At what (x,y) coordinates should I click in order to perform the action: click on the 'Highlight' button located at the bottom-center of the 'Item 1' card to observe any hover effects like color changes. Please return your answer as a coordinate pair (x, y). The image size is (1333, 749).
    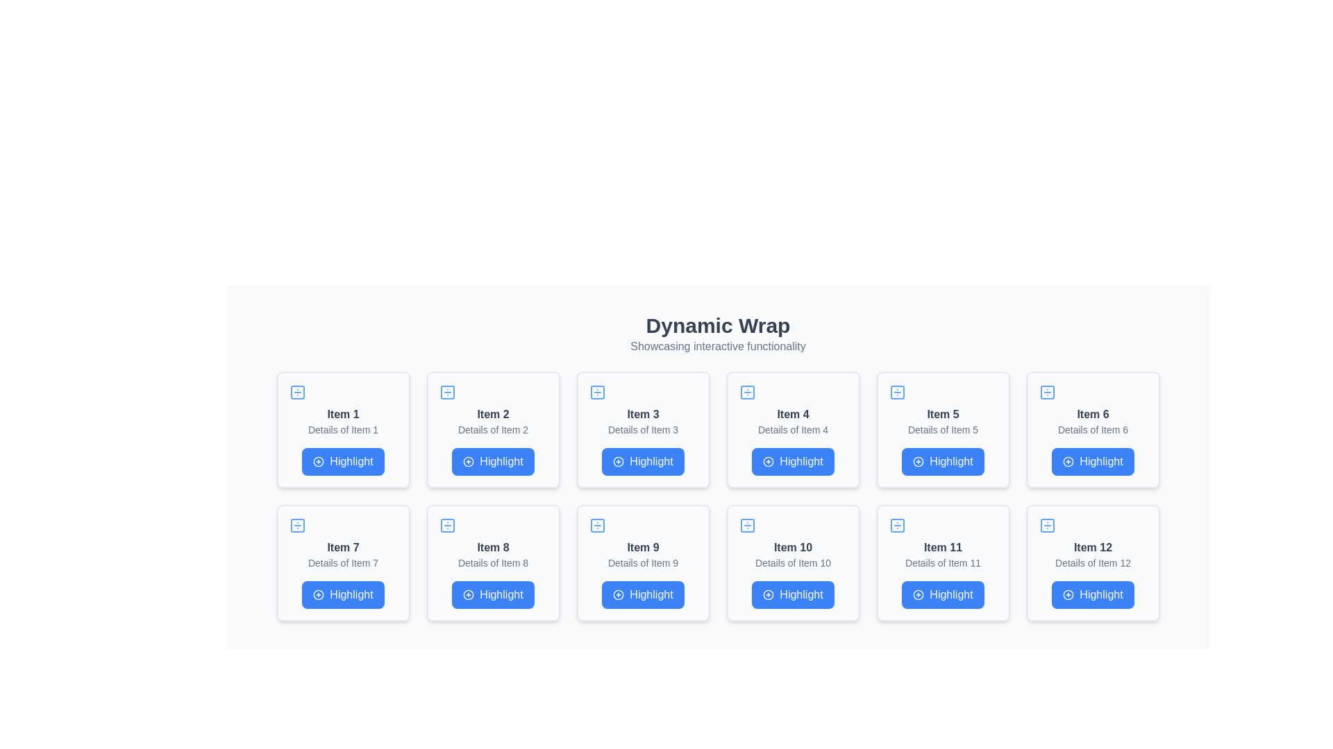
    Looking at the image, I should click on (343, 462).